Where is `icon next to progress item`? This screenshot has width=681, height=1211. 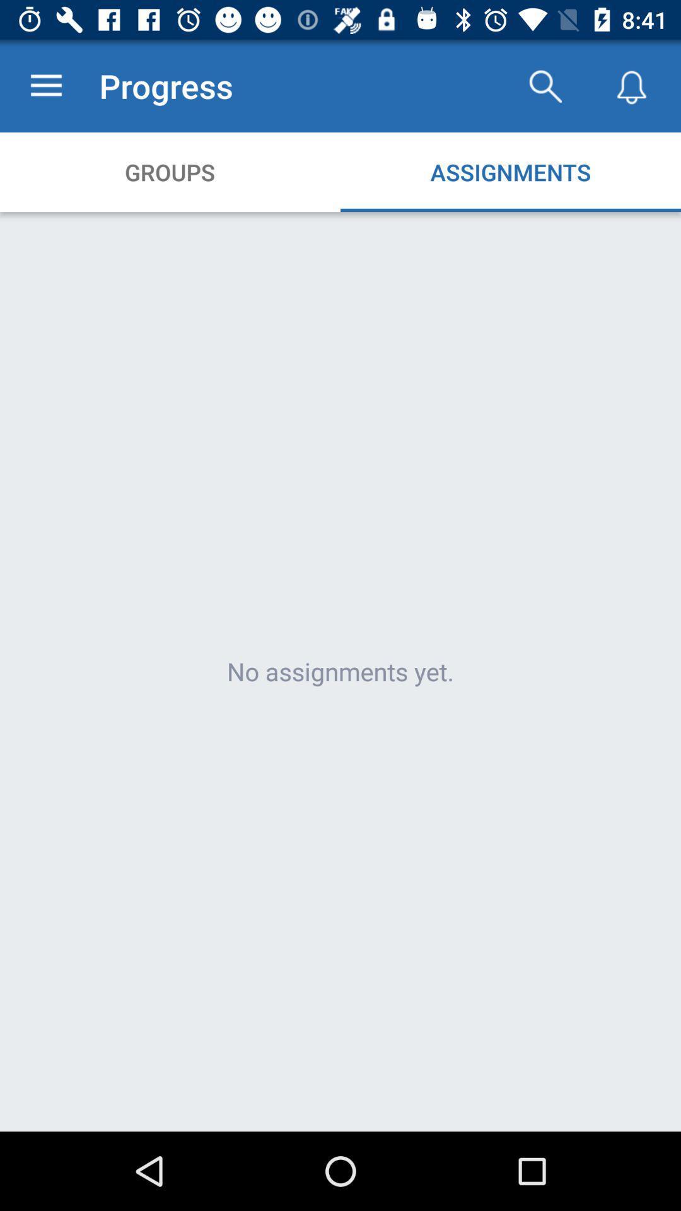 icon next to progress item is located at coordinates (544, 85).